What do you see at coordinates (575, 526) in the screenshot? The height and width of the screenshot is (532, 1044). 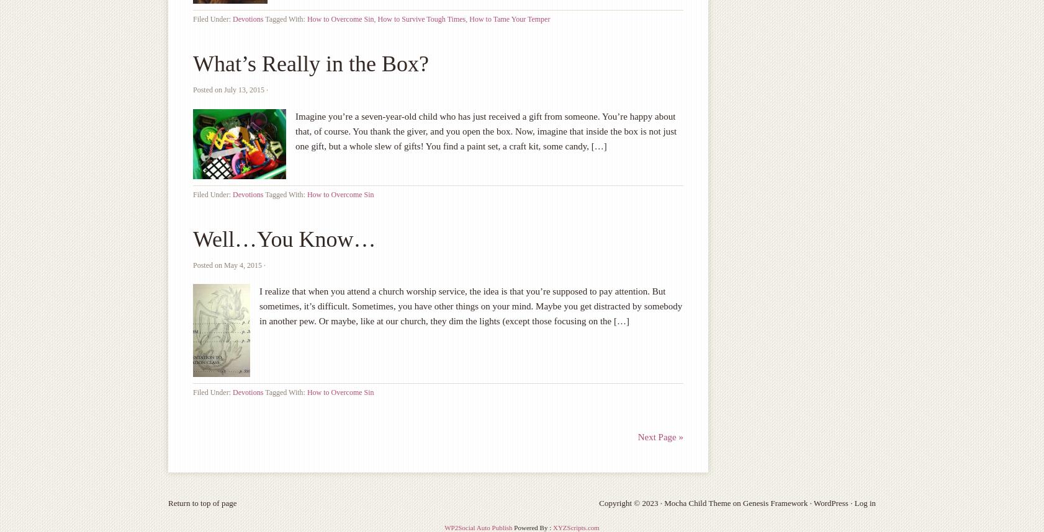 I see `'XYZScripts.com'` at bounding box center [575, 526].